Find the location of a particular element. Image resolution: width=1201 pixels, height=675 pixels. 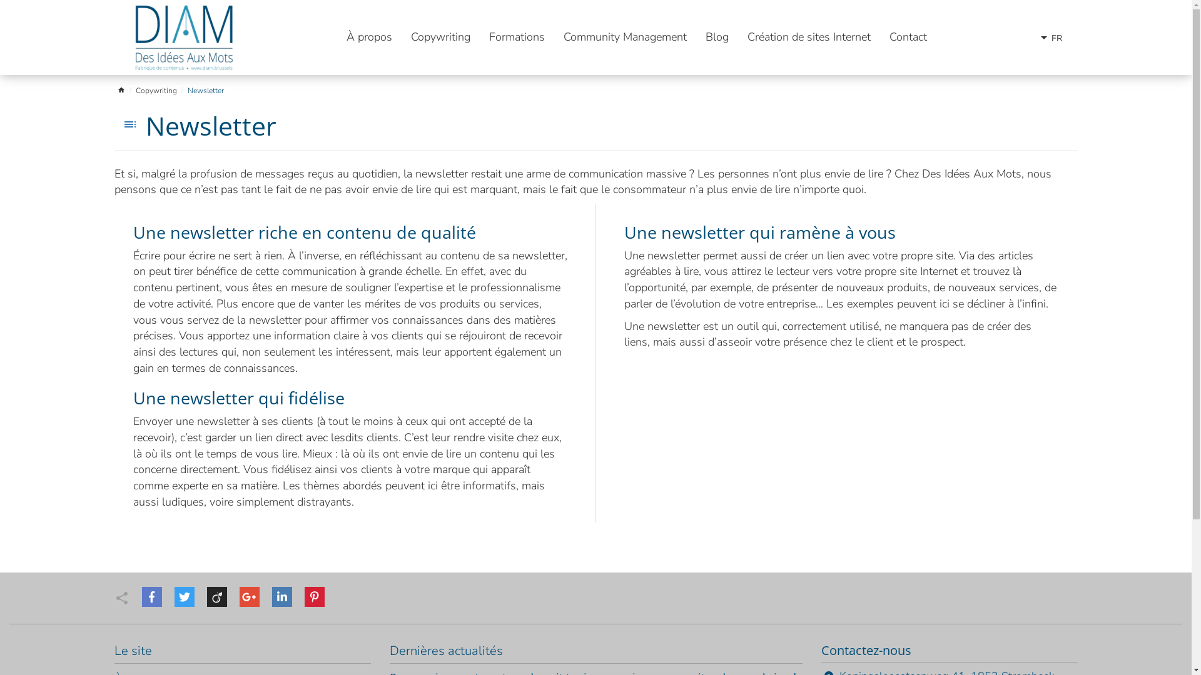

'Google' is located at coordinates (249, 596).